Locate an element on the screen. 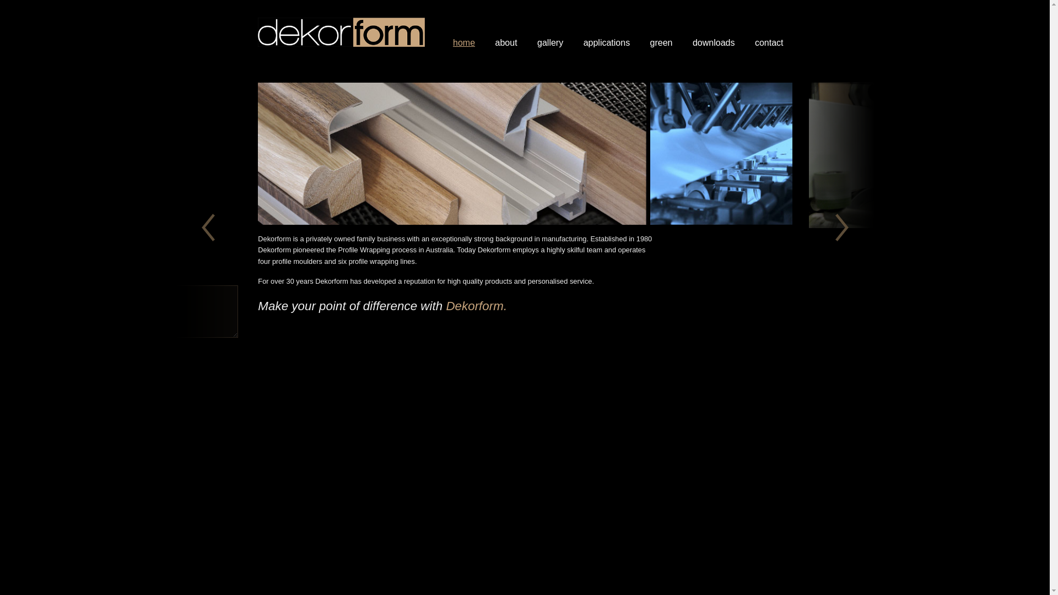 The width and height of the screenshot is (1058, 595). 'applications' is located at coordinates (606, 31).